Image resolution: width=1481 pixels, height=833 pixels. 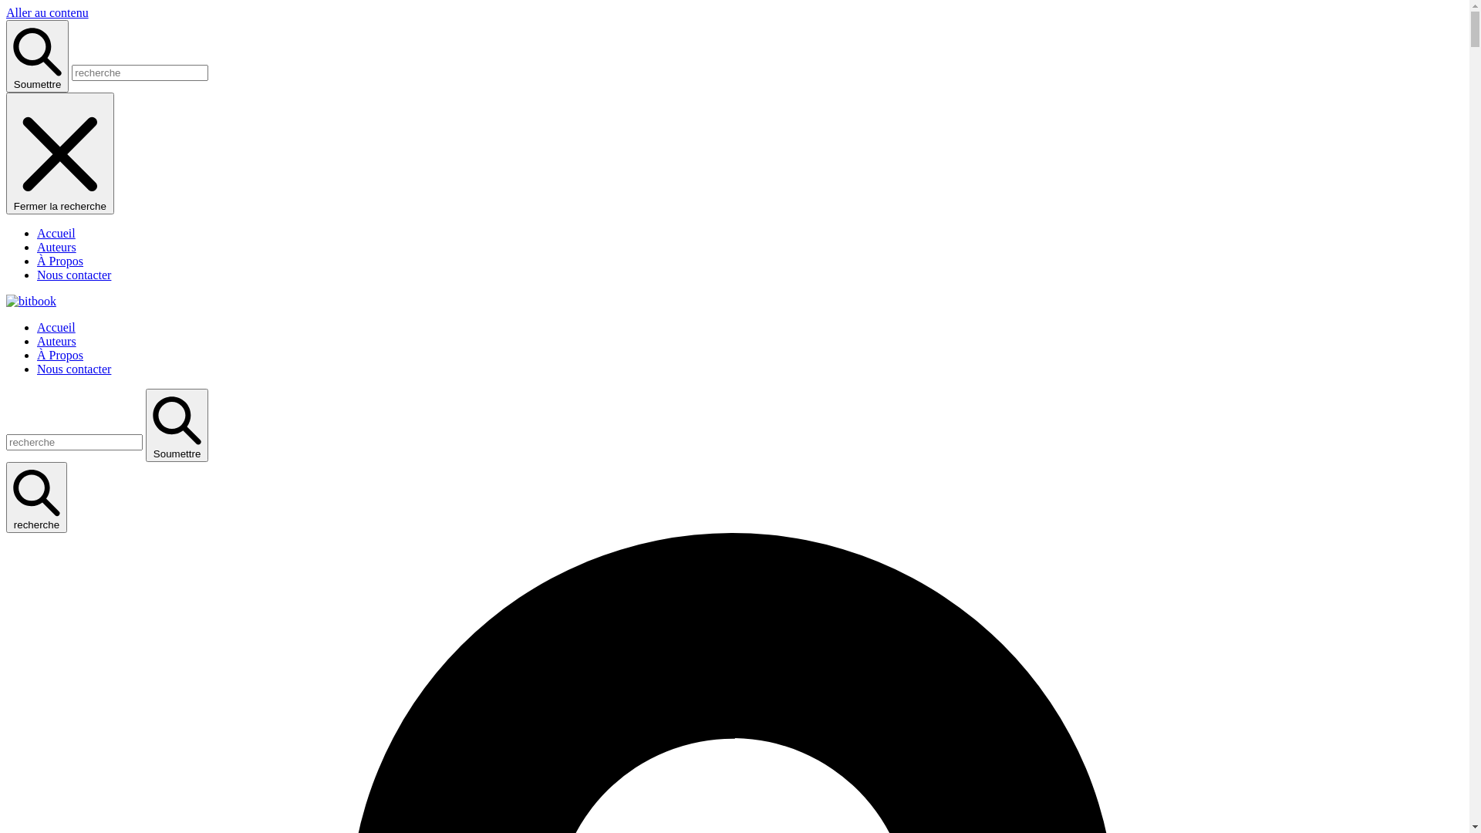 I want to click on 'Auteurs', so click(x=56, y=340).